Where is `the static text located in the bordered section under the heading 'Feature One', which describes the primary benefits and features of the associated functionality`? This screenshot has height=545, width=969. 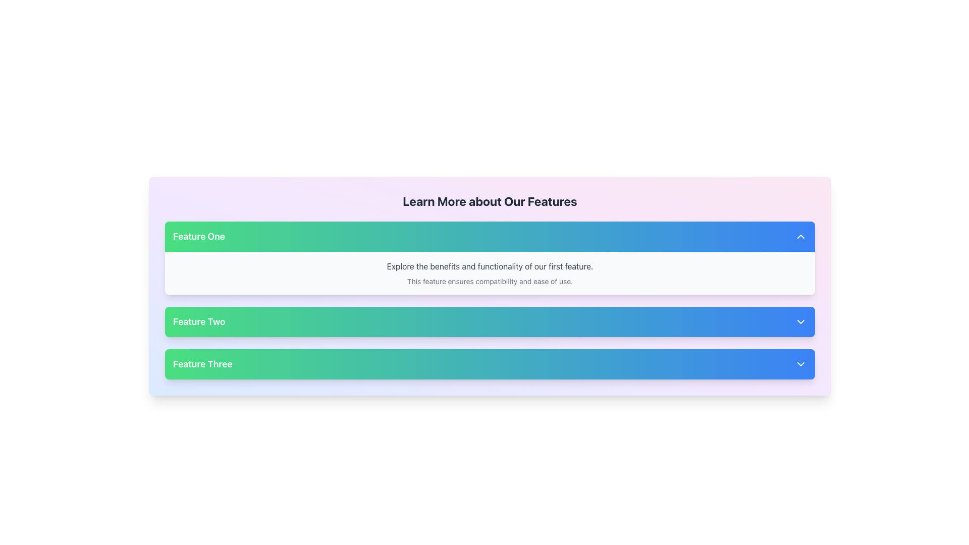
the static text located in the bordered section under the heading 'Feature One', which describes the primary benefits and features of the associated functionality is located at coordinates (490, 266).